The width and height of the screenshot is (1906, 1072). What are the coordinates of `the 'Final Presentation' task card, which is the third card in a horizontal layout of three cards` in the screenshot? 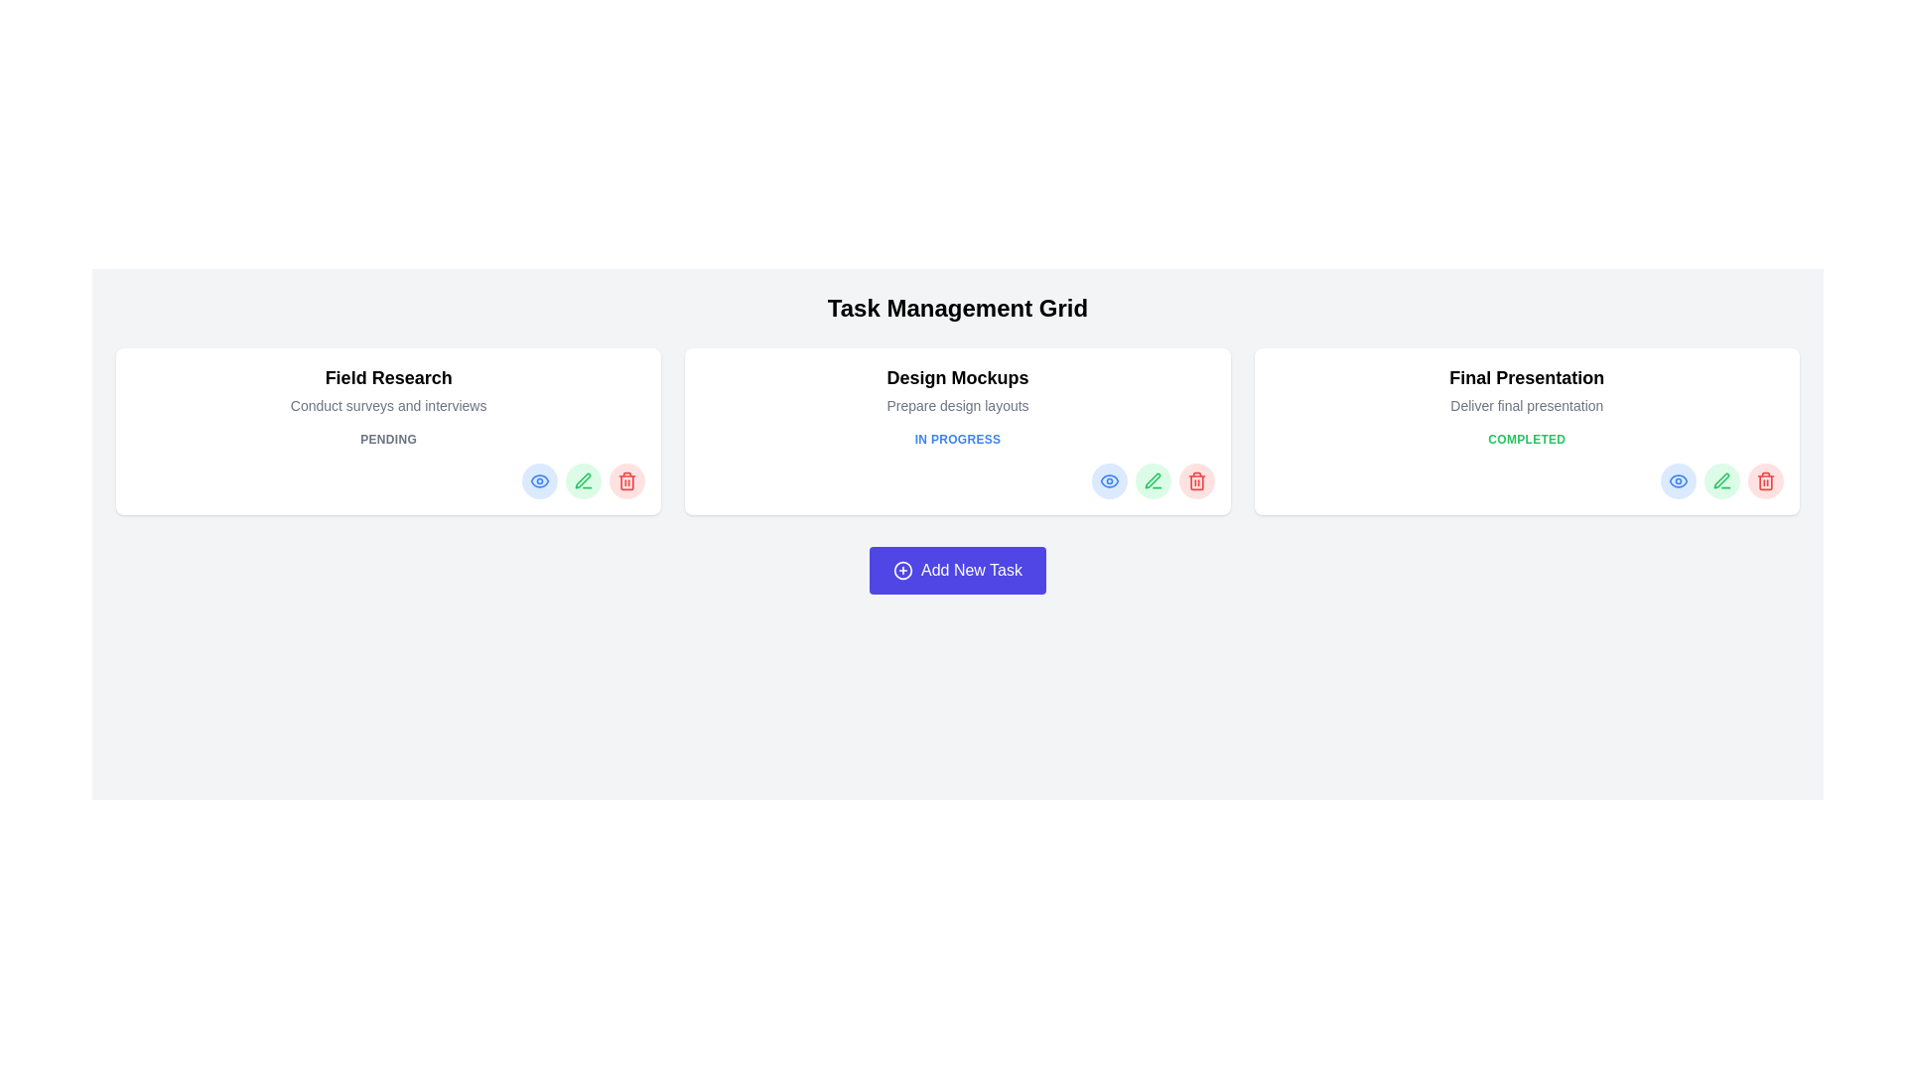 It's located at (1526, 431).